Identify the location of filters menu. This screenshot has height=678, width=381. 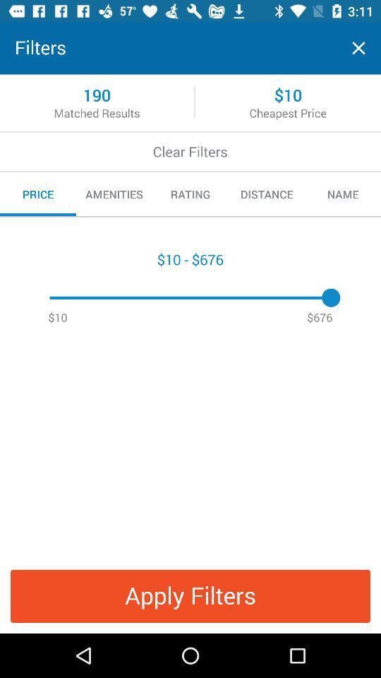
(358, 48).